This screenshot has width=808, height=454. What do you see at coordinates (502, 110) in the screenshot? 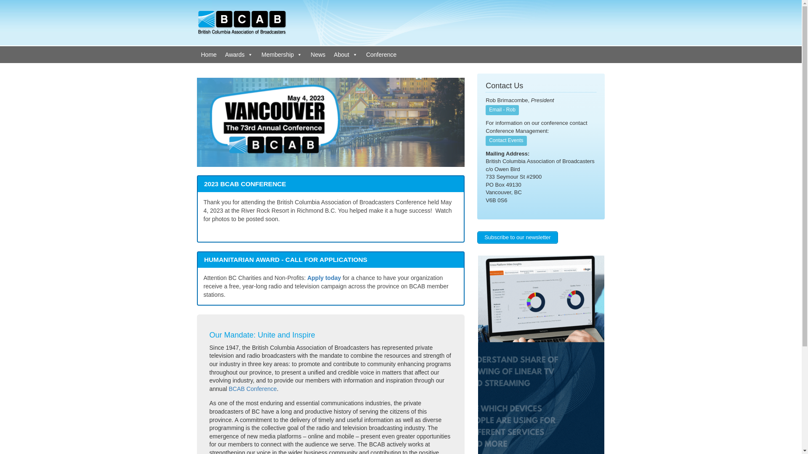
I see `'Email - Rob'` at bounding box center [502, 110].